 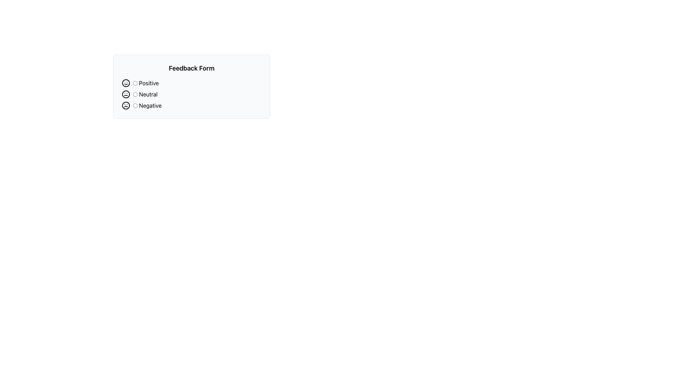 What do you see at coordinates (135, 82) in the screenshot?
I see `the first radio button labeled 'Positive'` at bounding box center [135, 82].